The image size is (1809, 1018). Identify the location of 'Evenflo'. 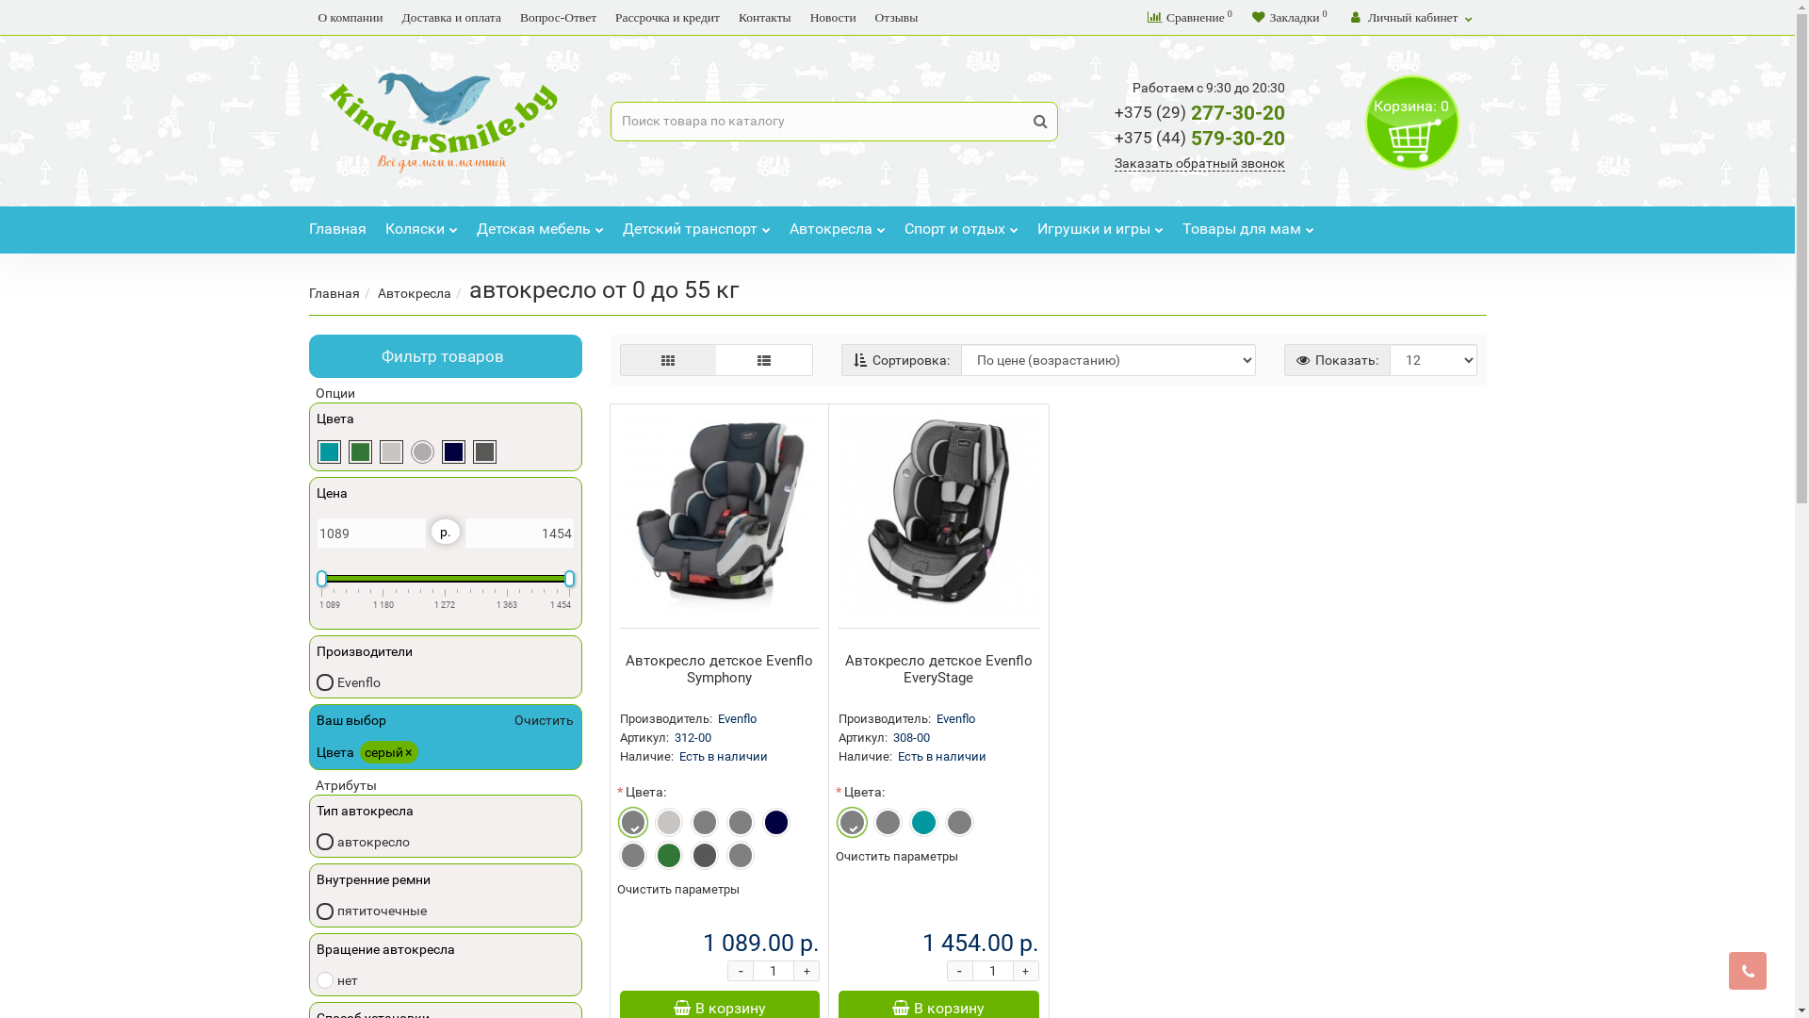
(348, 681).